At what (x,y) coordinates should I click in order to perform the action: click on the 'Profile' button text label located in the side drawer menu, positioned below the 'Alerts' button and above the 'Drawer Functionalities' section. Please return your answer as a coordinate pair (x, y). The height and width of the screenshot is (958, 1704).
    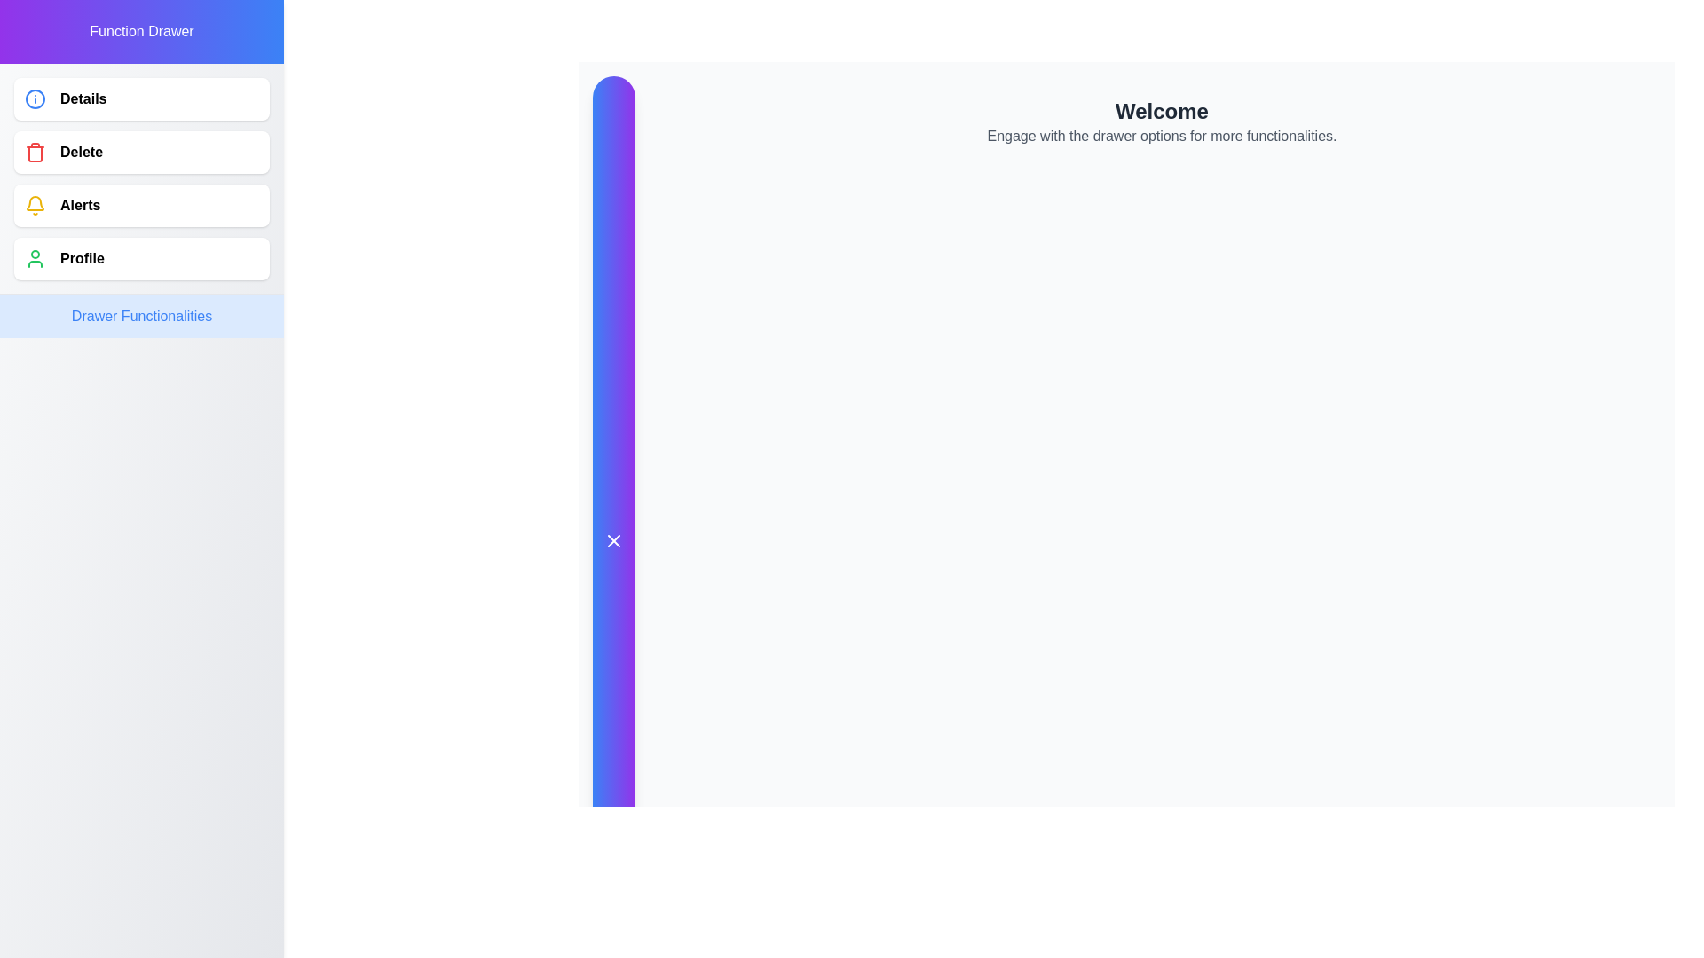
    Looking at the image, I should click on (81, 259).